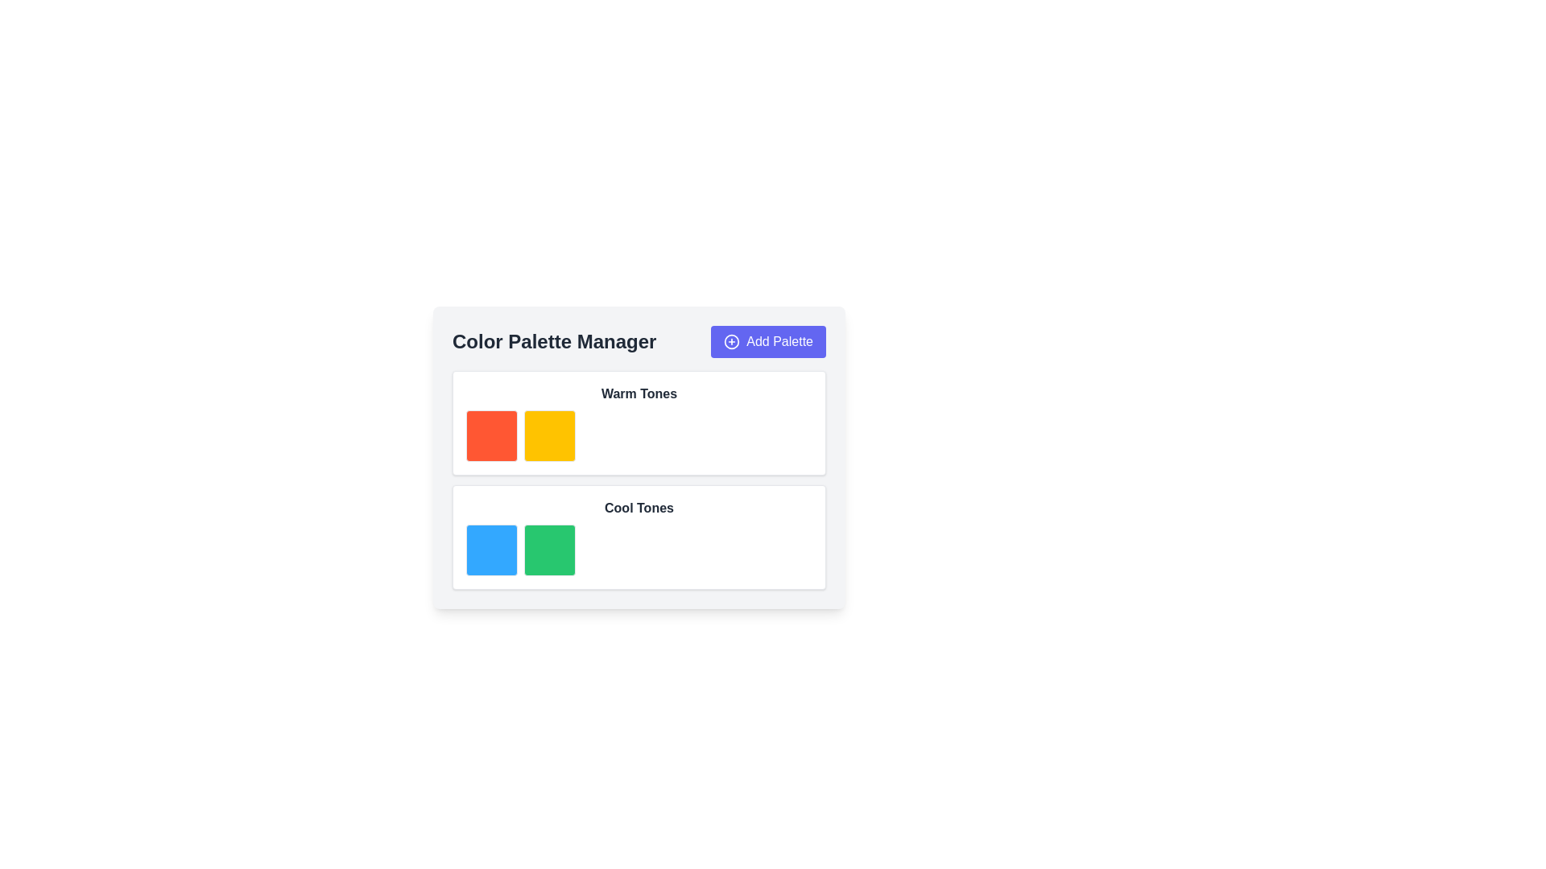 This screenshot has width=1546, height=869. Describe the element at coordinates (638, 436) in the screenshot. I see `the color palette element labeled 'Warm Tones'` at that location.